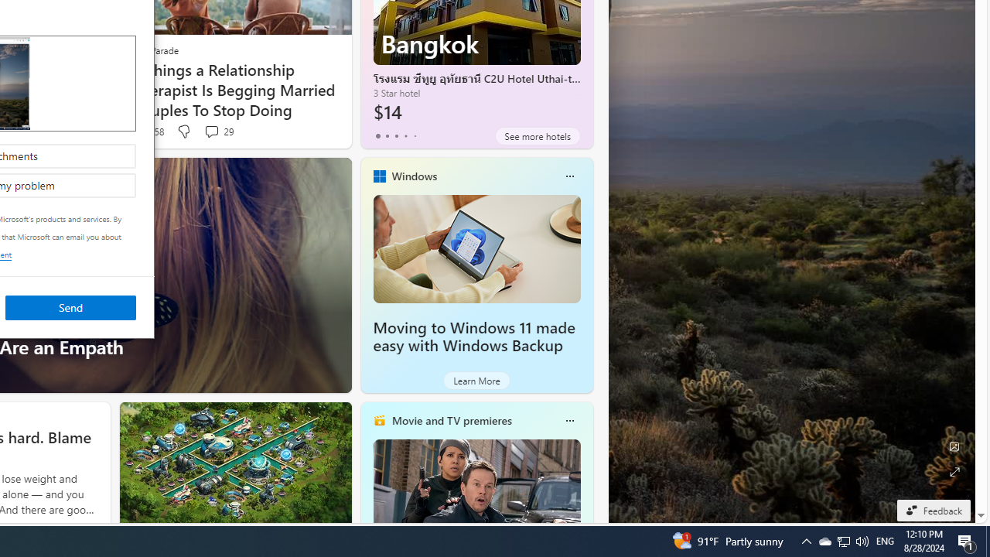 Image resolution: width=990 pixels, height=557 pixels. I want to click on 'tab-1', so click(387, 135).